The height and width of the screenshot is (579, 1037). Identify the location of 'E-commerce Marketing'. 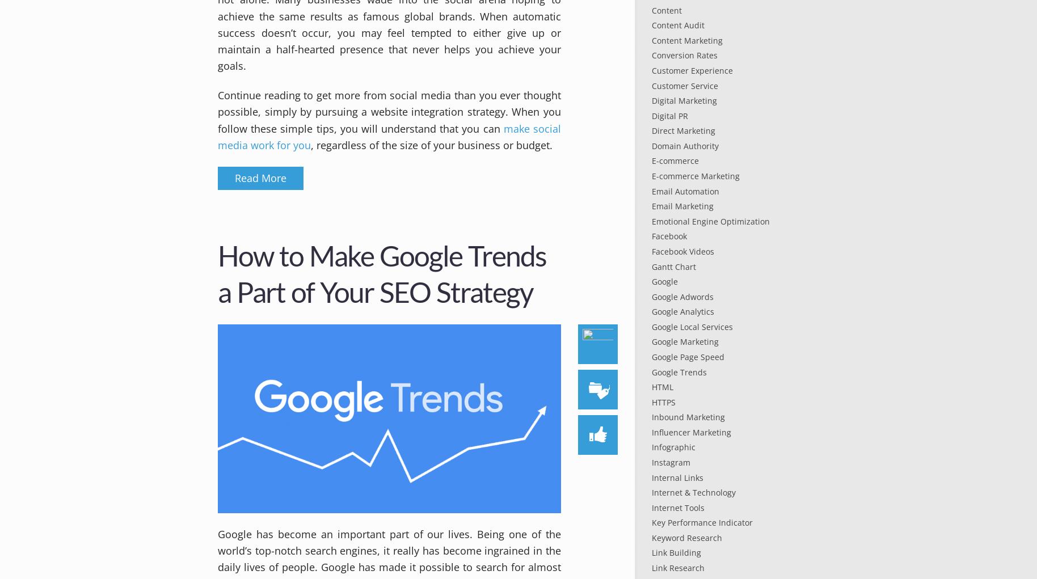
(695, 176).